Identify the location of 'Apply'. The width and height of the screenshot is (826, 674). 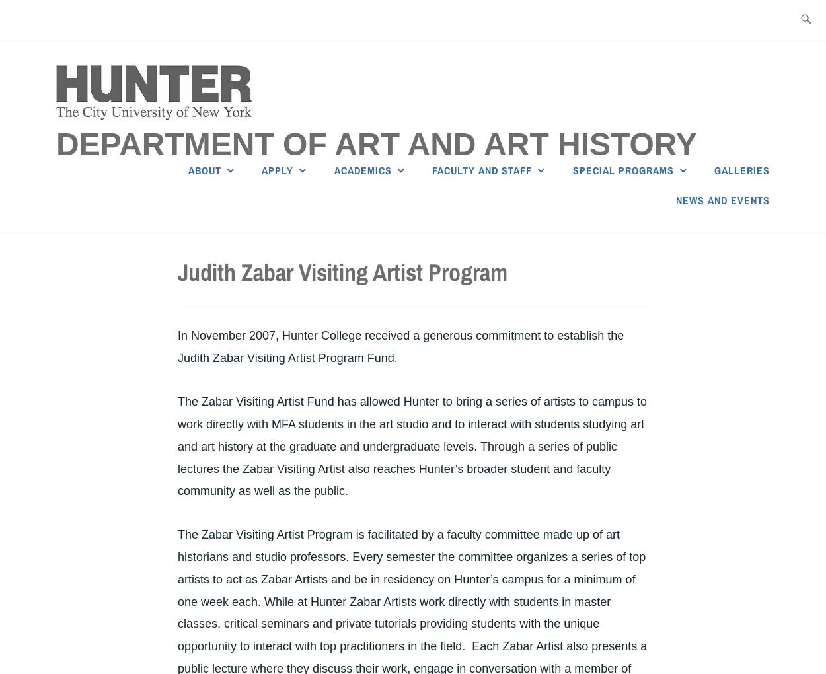
(278, 169).